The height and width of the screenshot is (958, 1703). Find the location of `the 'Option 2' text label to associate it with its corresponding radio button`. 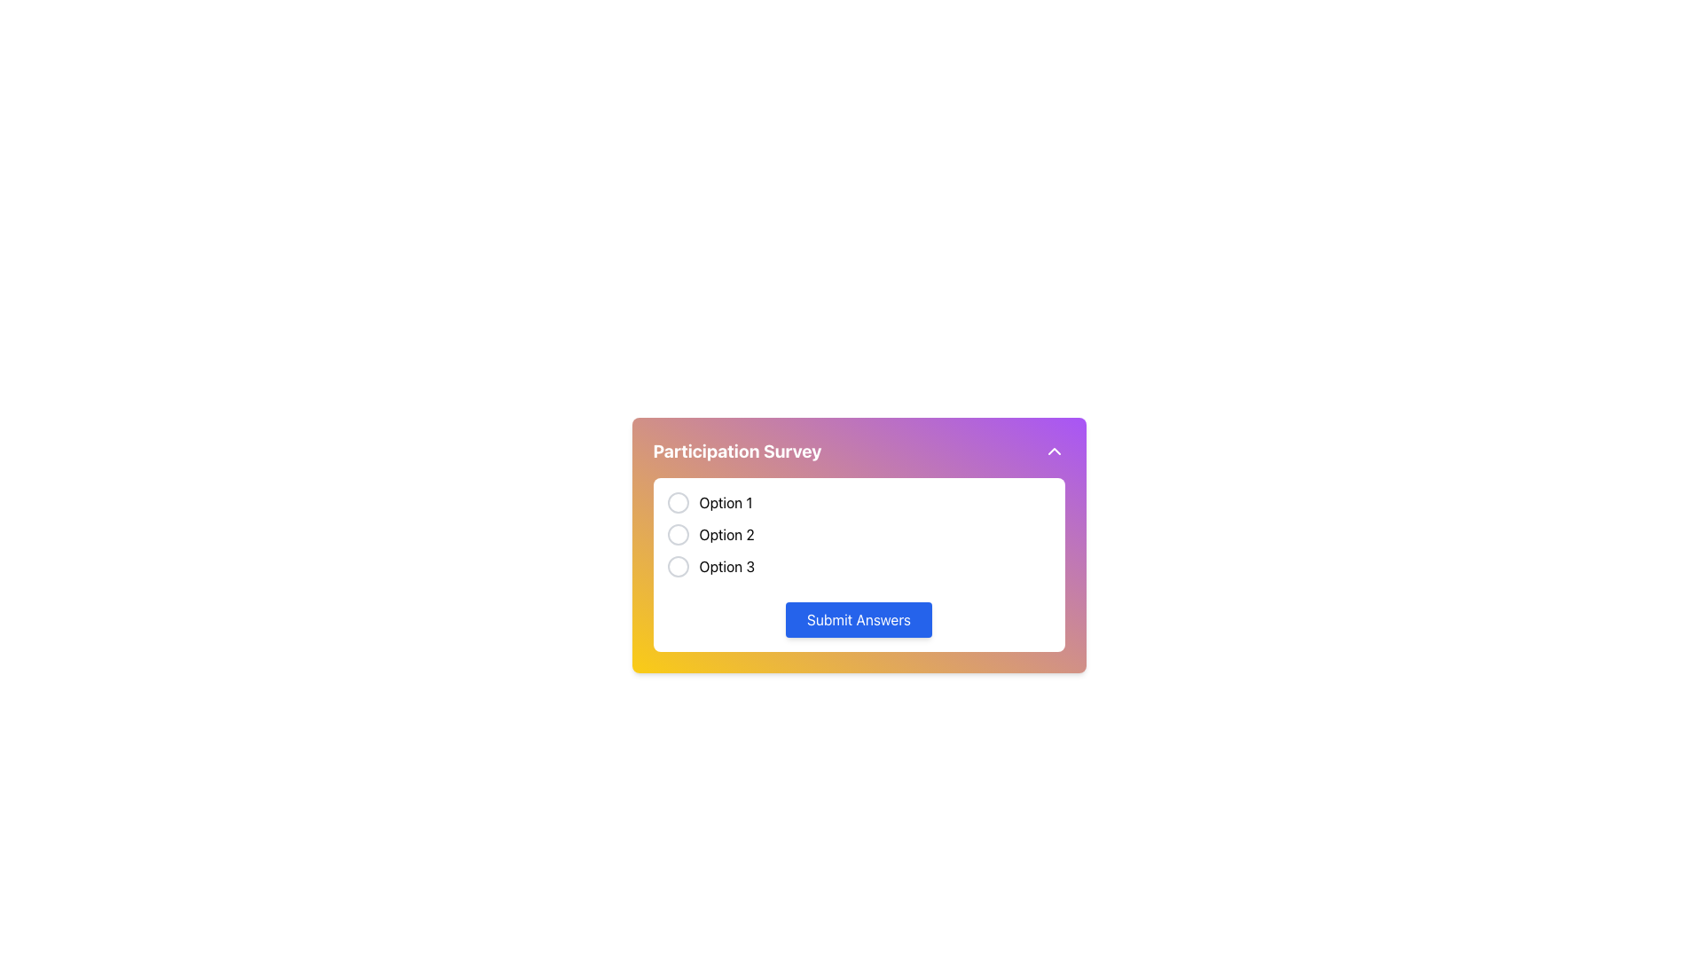

the 'Option 2' text label to associate it with its corresponding radio button is located at coordinates (726, 533).